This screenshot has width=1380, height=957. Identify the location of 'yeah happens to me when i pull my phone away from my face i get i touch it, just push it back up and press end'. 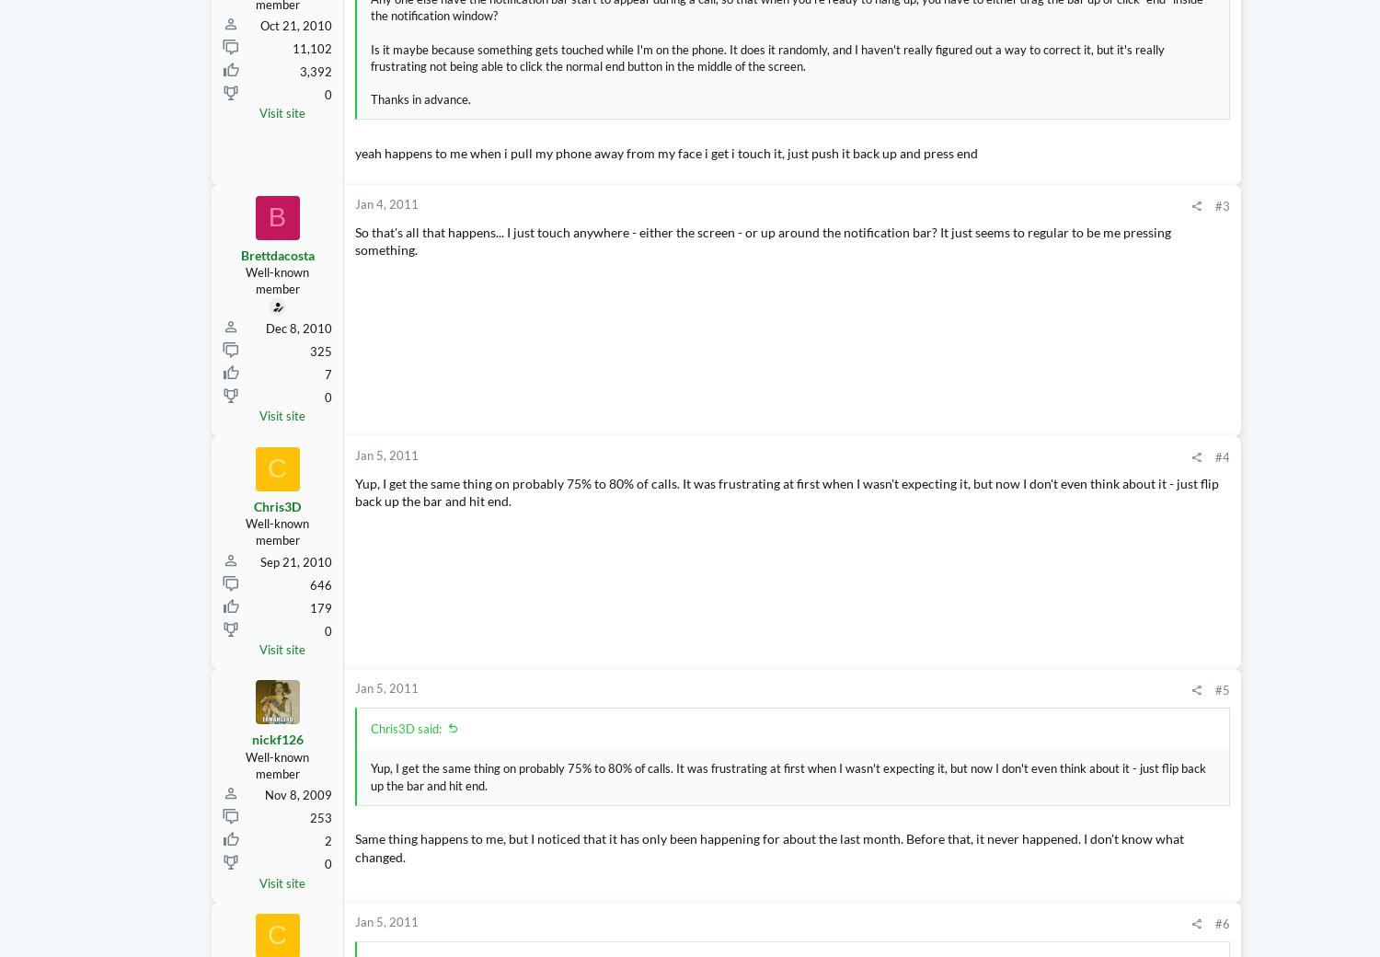
(665, 152).